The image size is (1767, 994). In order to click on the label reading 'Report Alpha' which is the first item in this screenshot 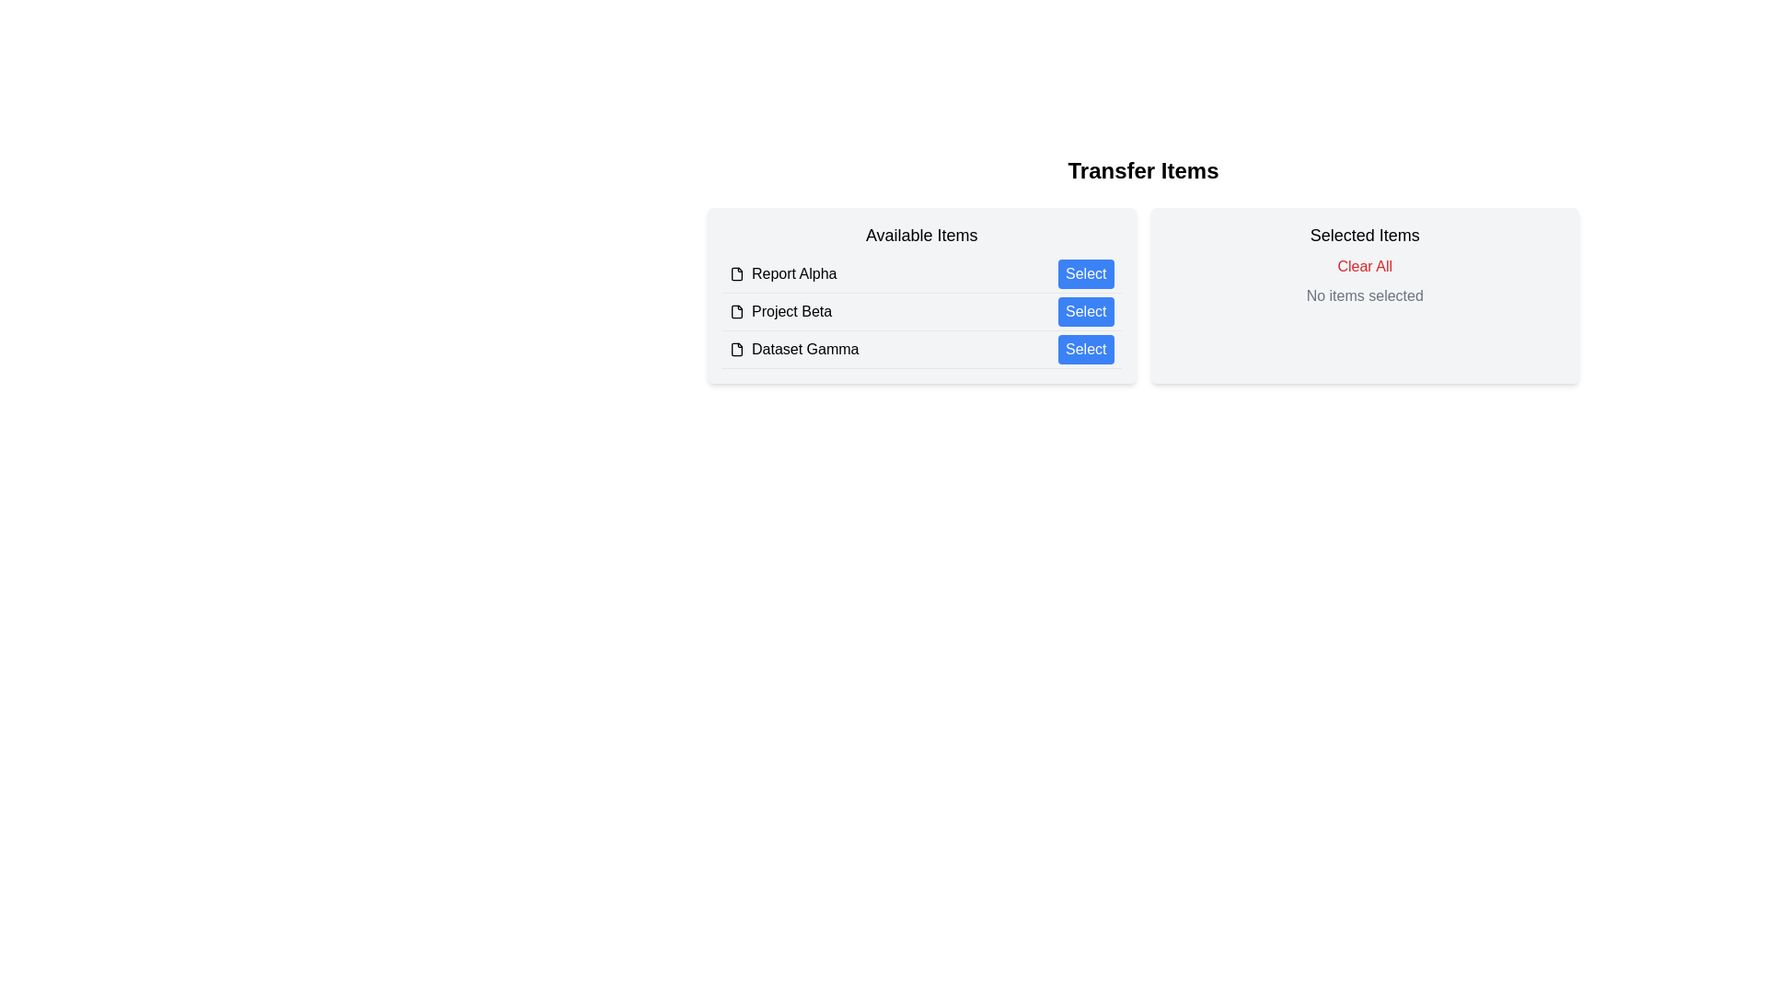, I will do `click(783, 273)`.